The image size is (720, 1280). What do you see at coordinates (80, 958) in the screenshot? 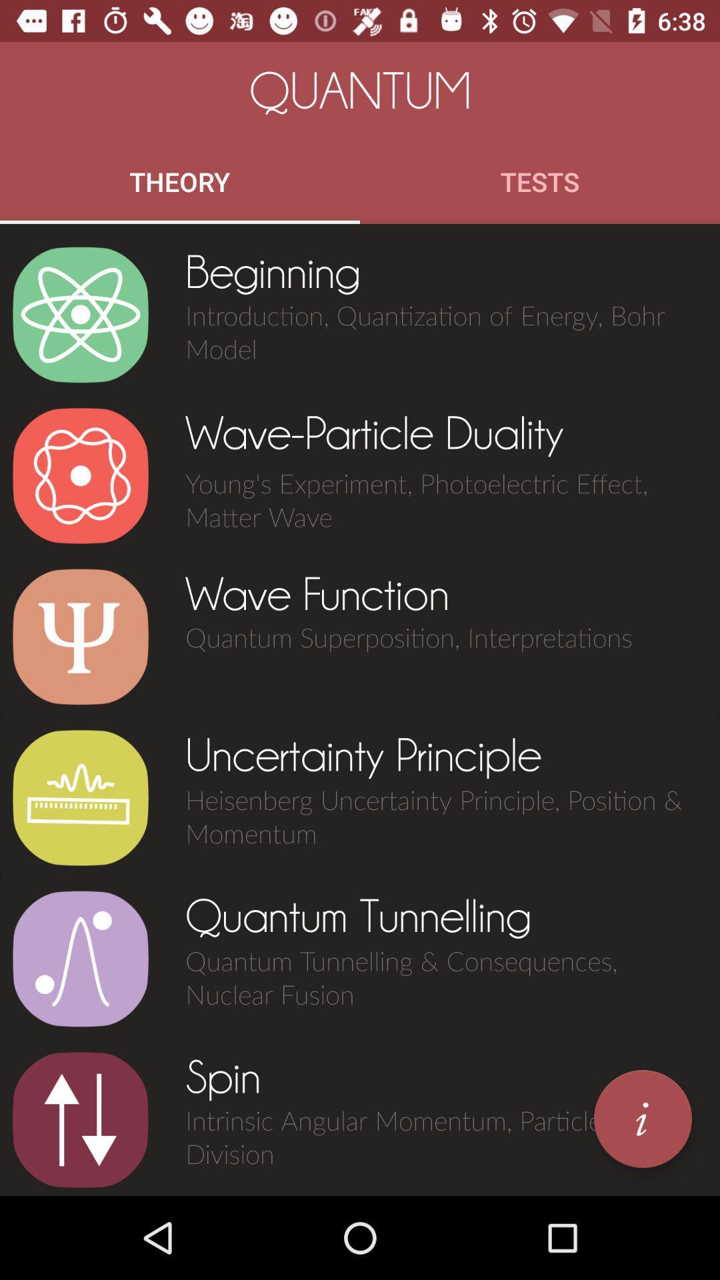
I see `start quantum tunneling module` at bounding box center [80, 958].